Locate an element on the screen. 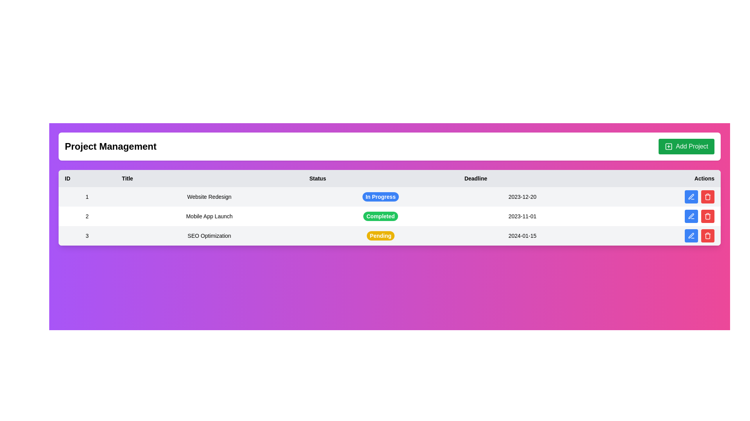 The image size is (750, 421). the edit button located in the 'Actions' column of the row for 'Mobile App Launch' is located at coordinates (691, 216).